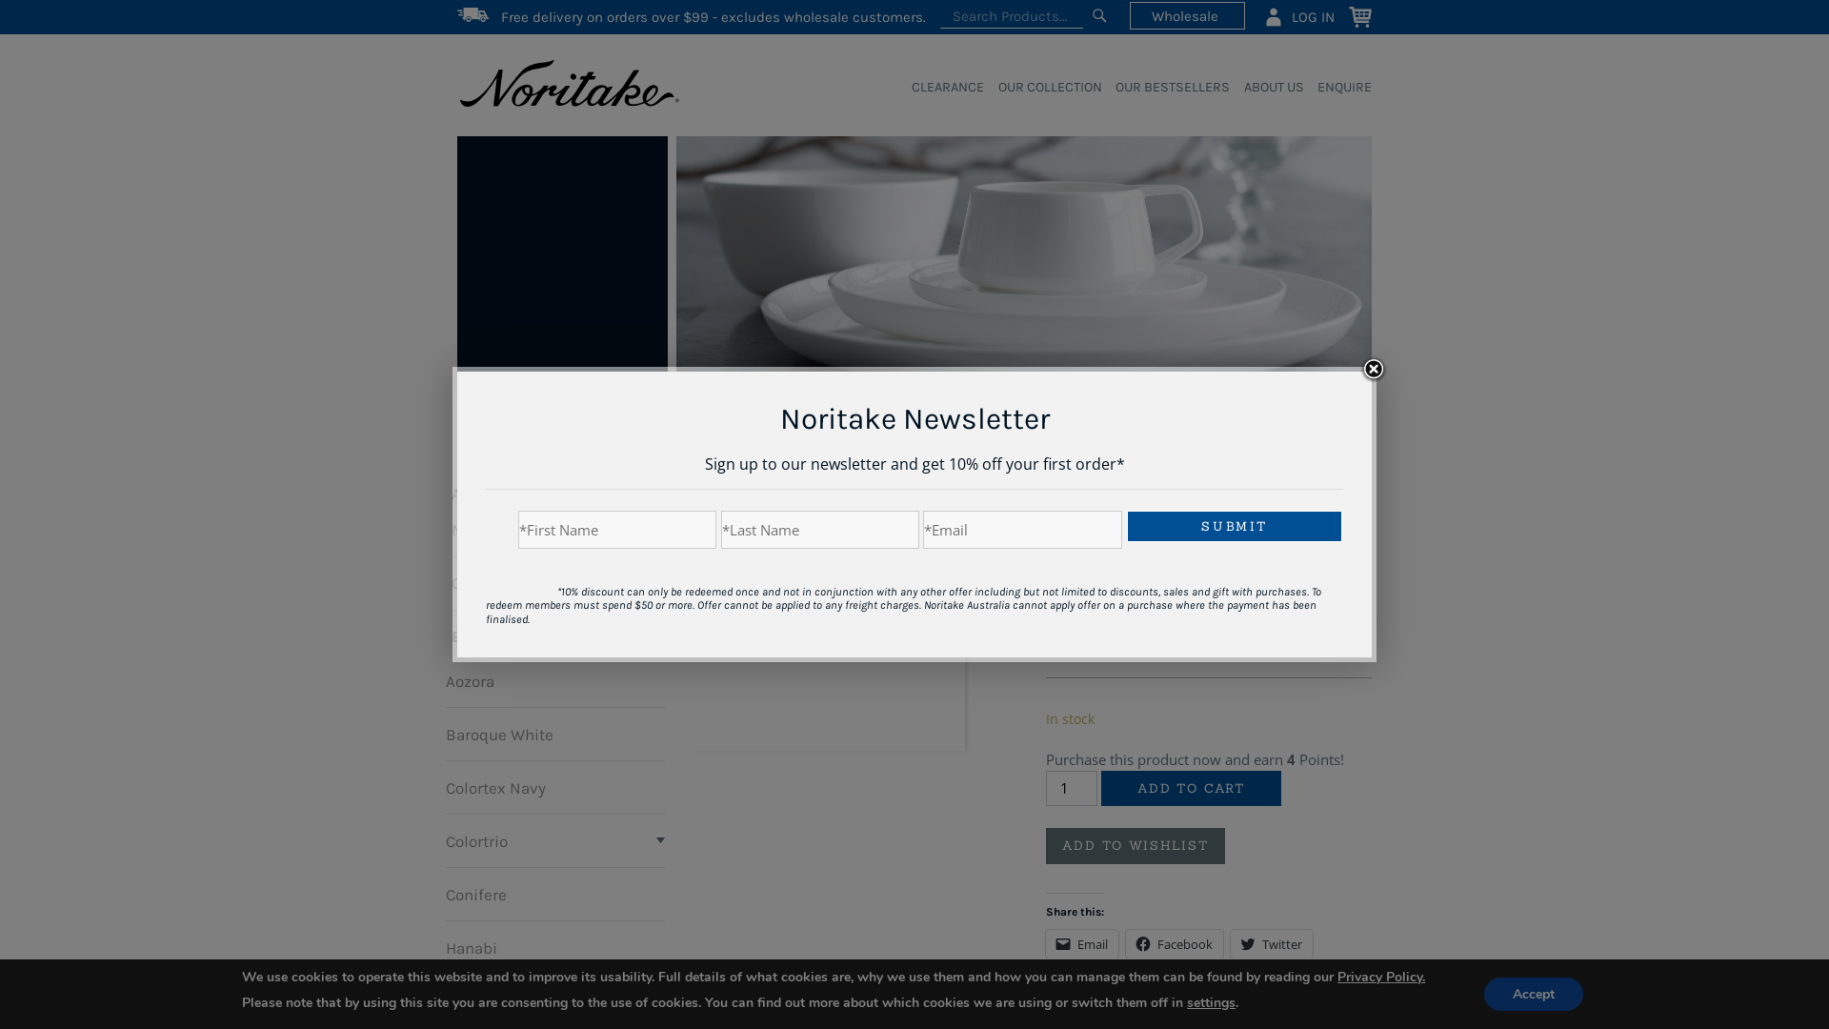 This screenshot has height=1029, width=1829. I want to click on 'Wholesale', so click(1186, 15).